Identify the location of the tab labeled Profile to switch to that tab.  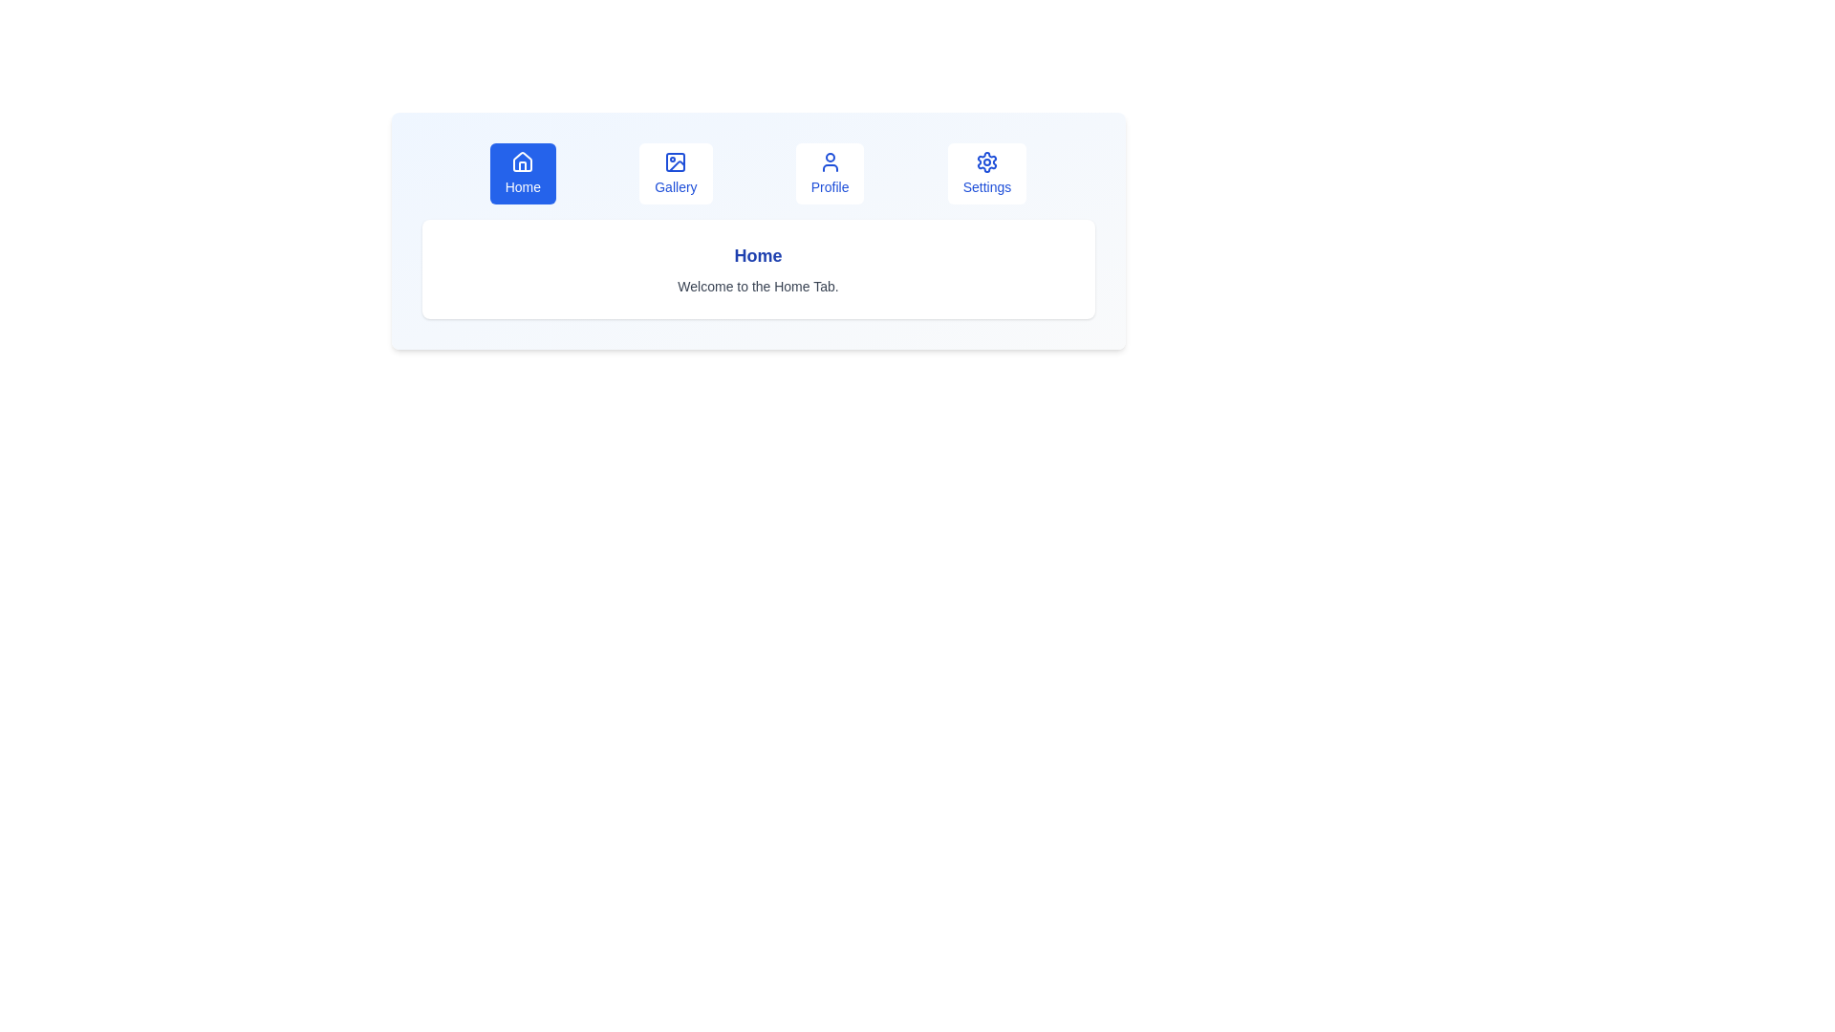
(830, 173).